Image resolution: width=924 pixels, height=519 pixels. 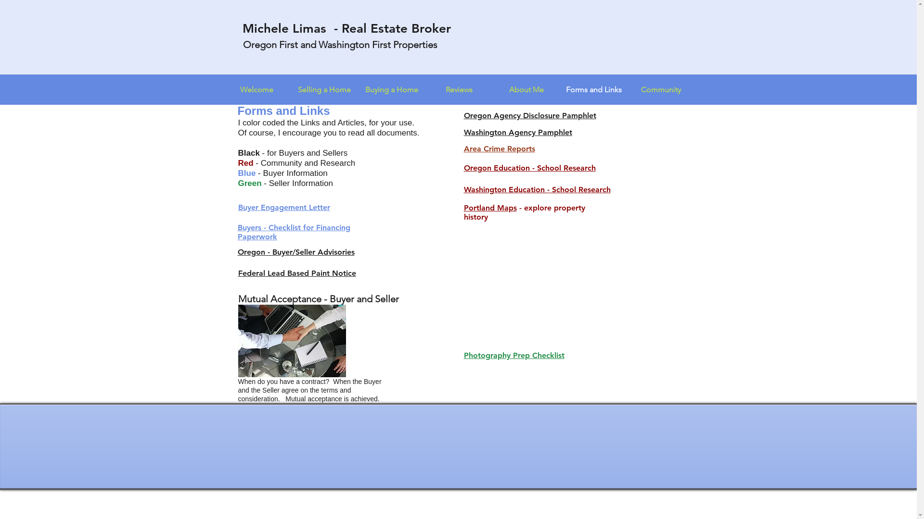 What do you see at coordinates (490, 207) in the screenshot?
I see `'Portland Maps'` at bounding box center [490, 207].